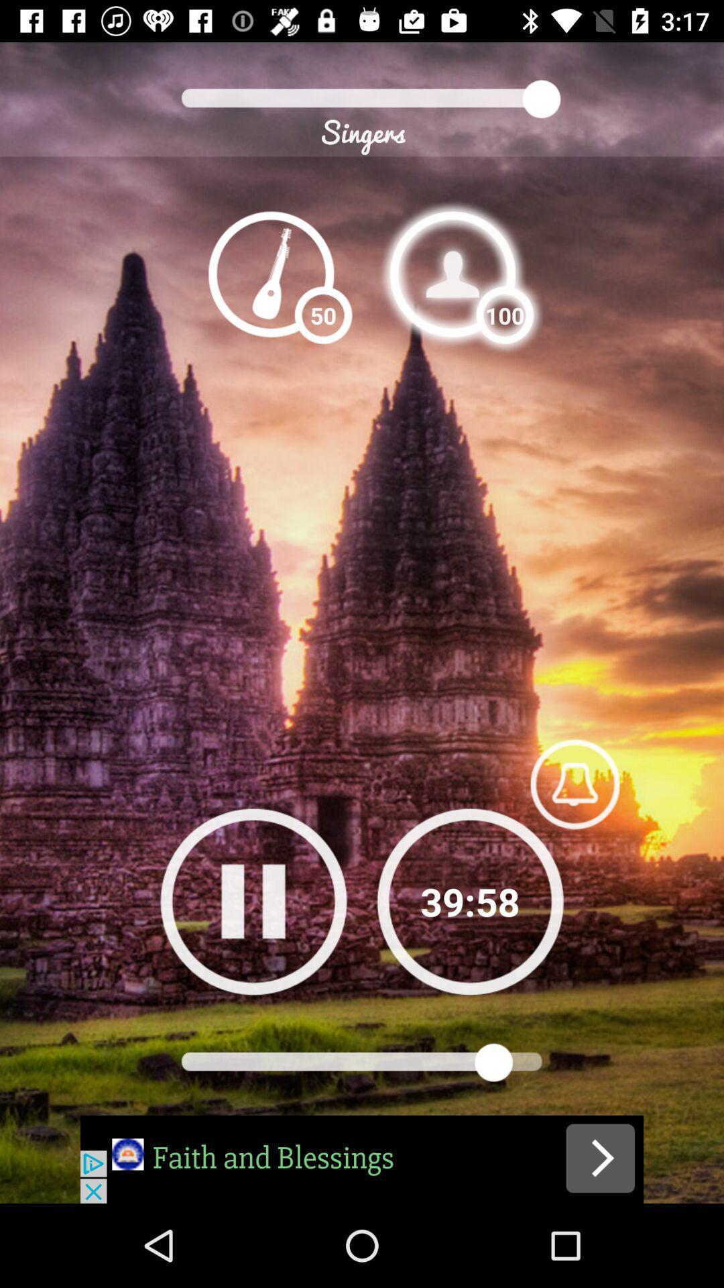 The image size is (724, 1288). I want to click on icon above 39:57 item, so click(574, 784).